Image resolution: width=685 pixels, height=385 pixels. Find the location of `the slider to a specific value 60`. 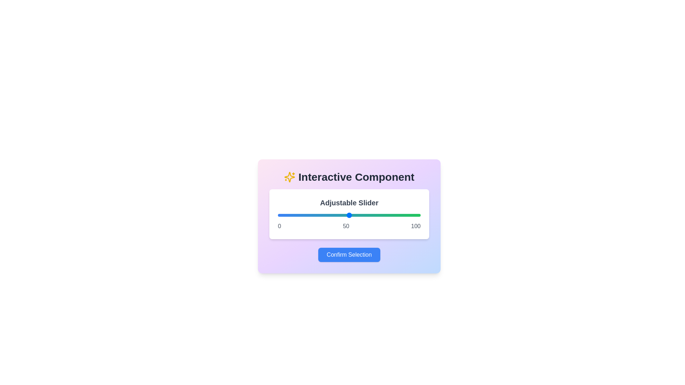

the slider to a specific value 60 is located at coordinates (363, 215).